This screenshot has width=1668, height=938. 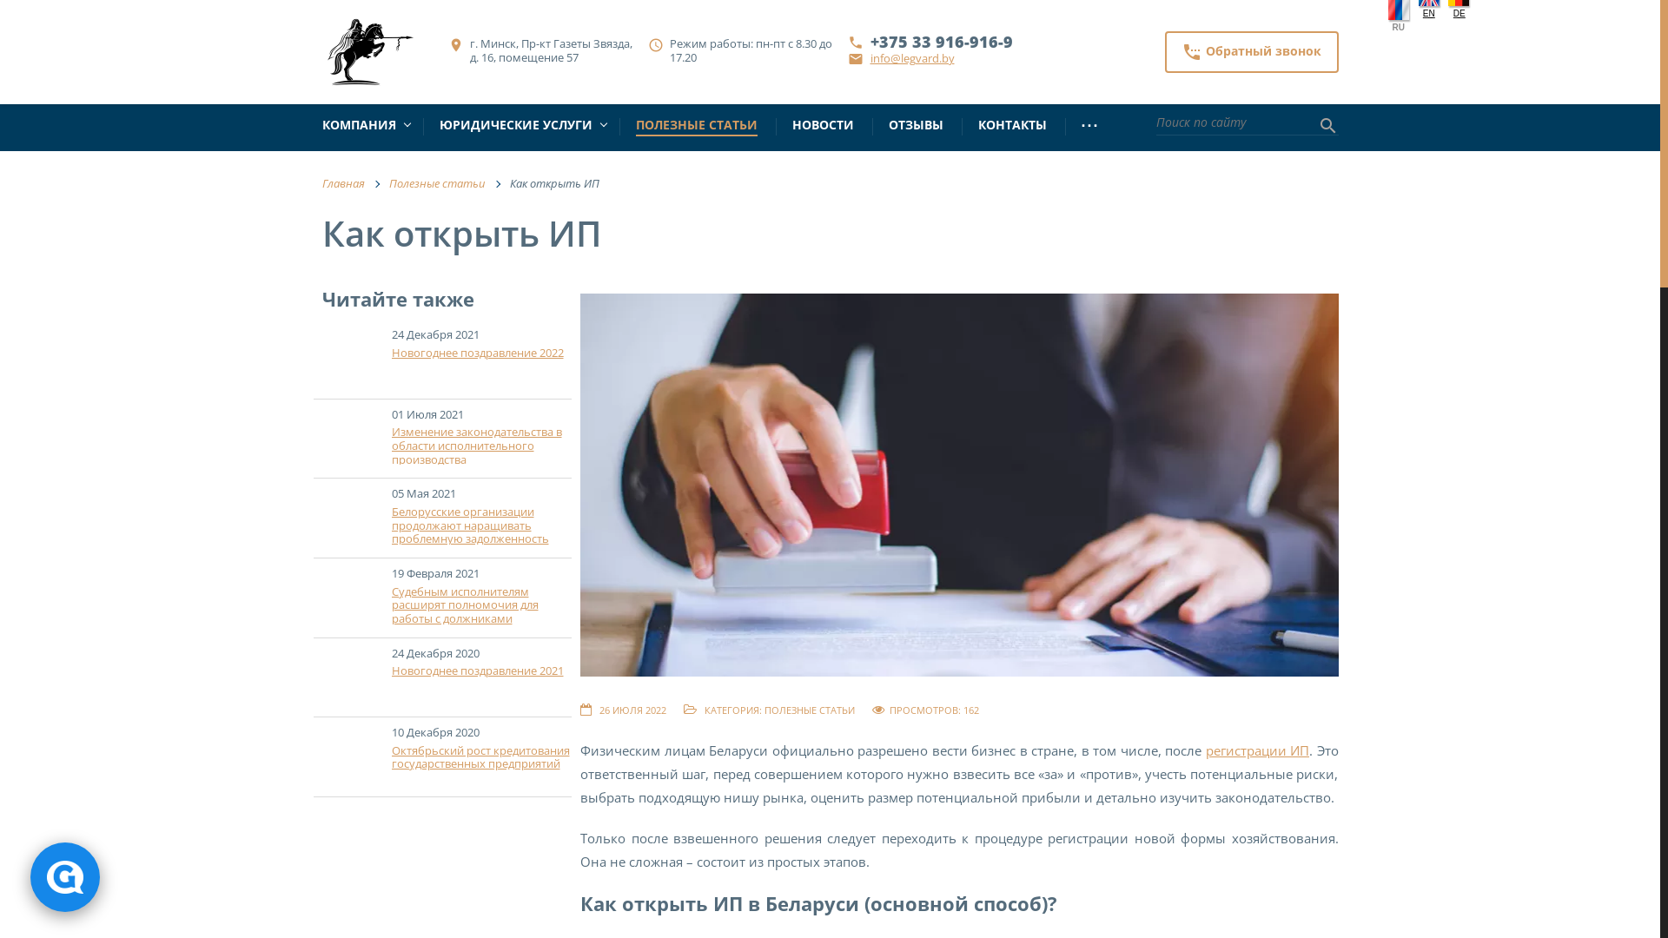 I want to click on 'info@legvard.by', so click(x=870, y=56).